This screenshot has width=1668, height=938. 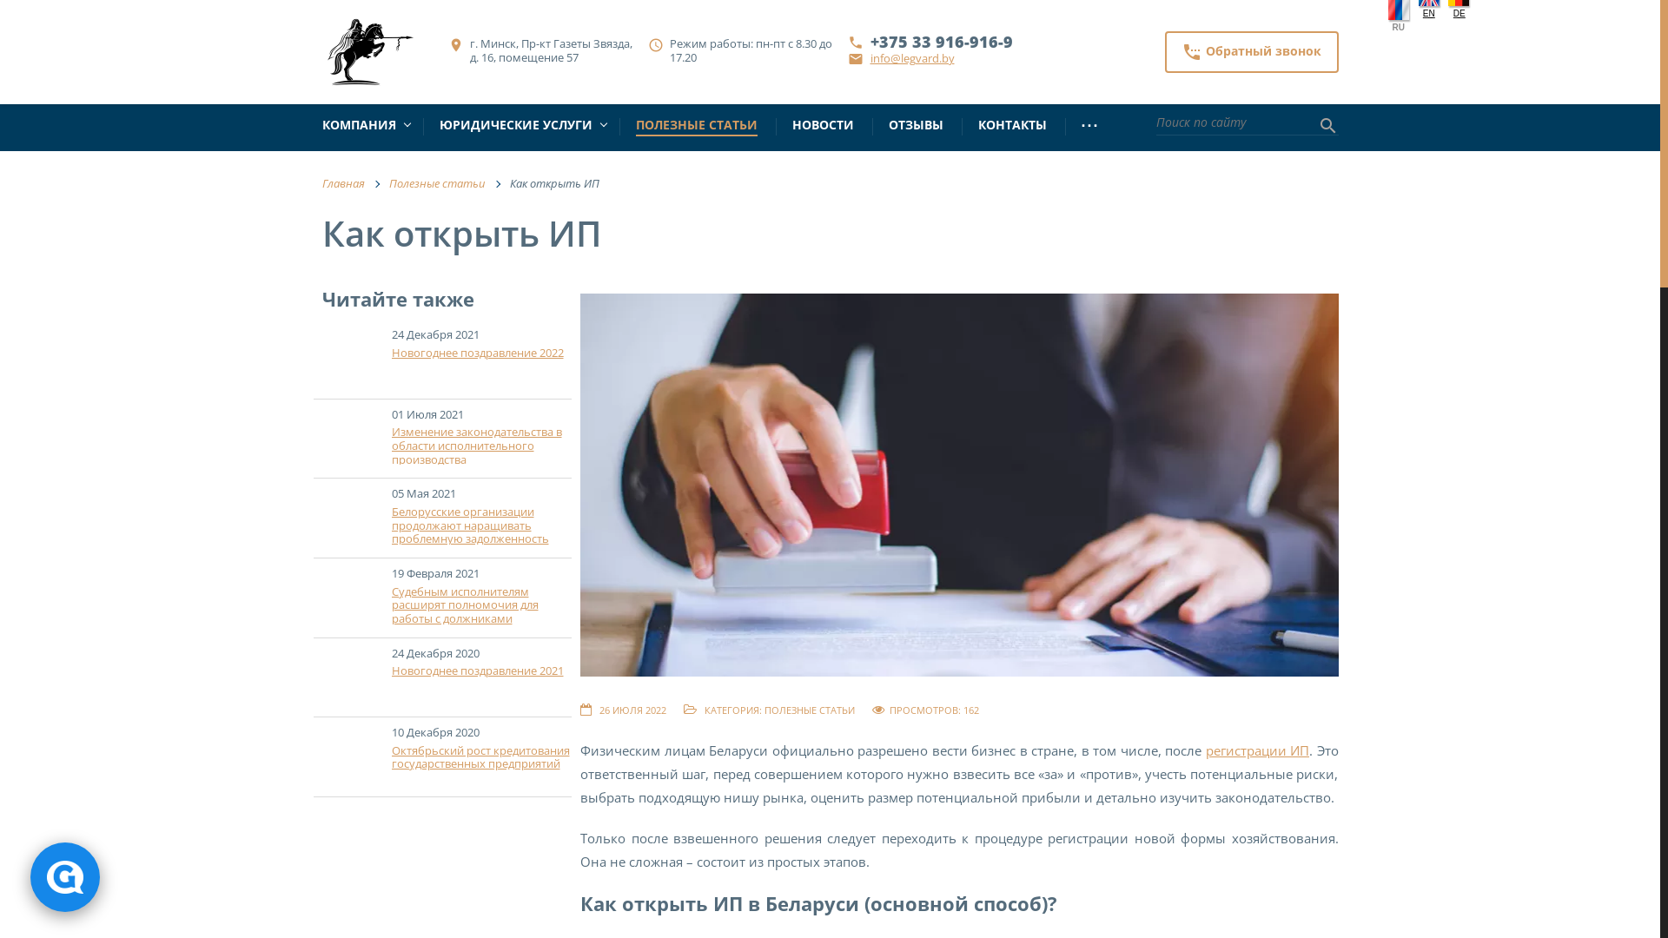 I want to click on 'info@legvard.by', so click(x=870, y=56).